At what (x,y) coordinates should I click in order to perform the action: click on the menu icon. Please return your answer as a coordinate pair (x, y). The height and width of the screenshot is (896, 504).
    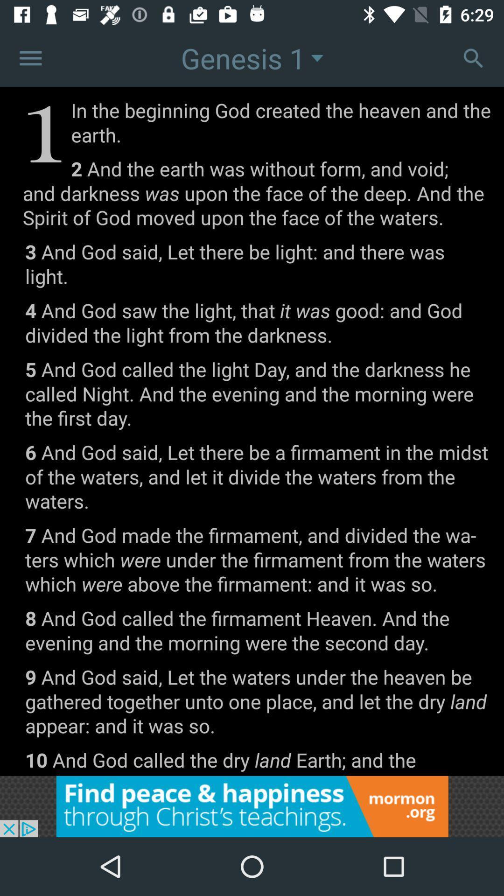
    Looking at the image, I should click on (30, 57).